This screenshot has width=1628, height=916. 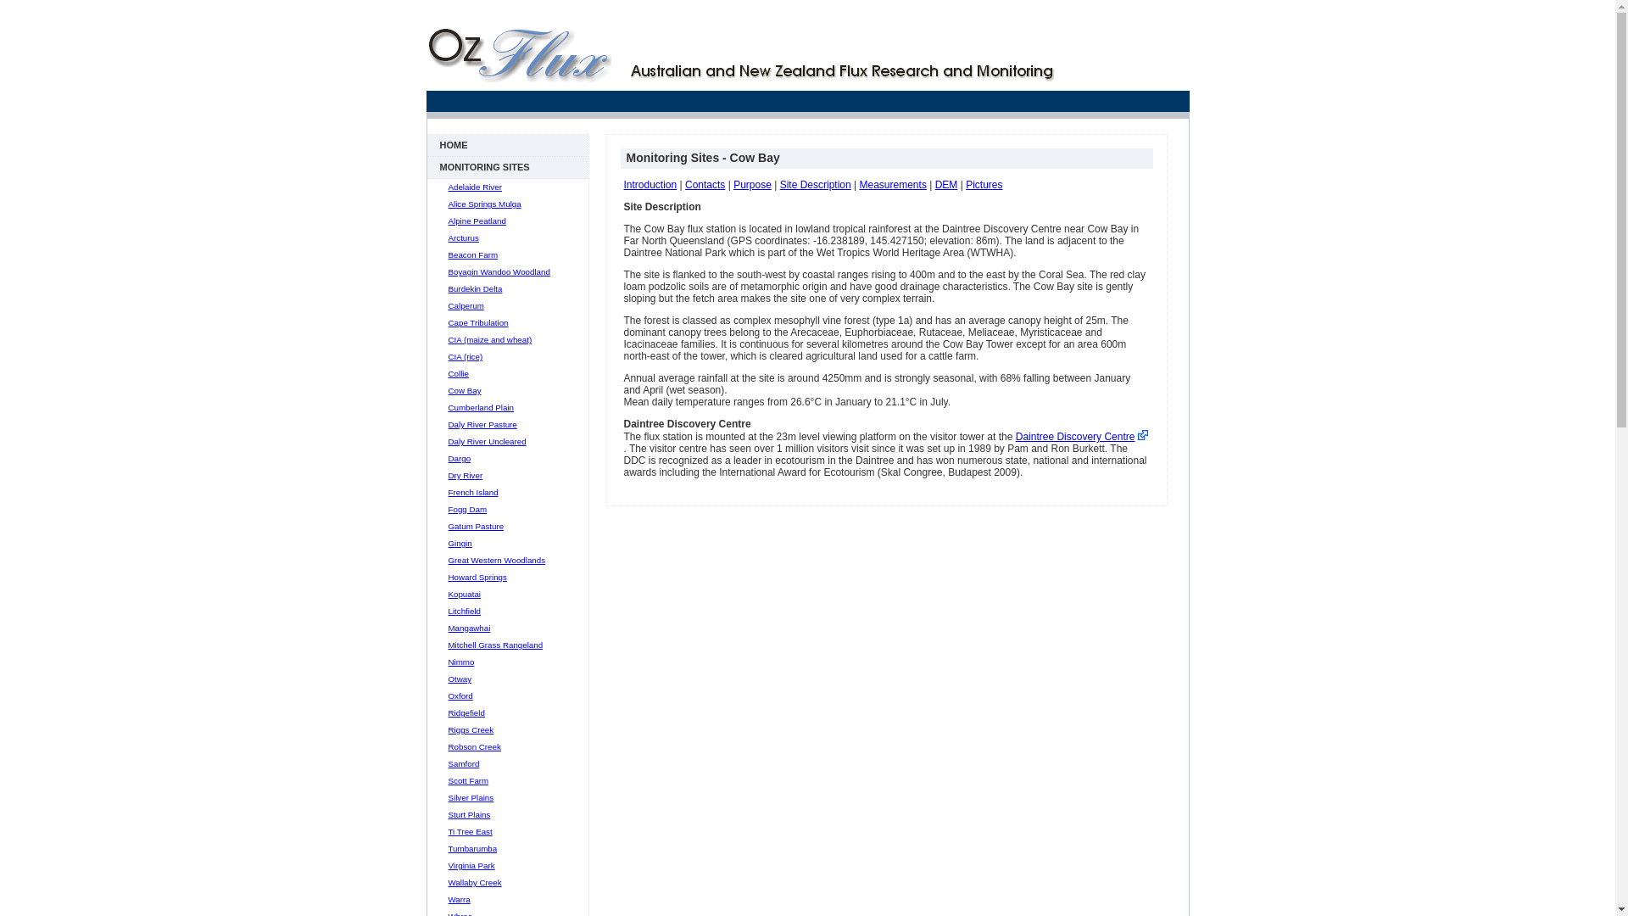 What do you see at coordinates (468, 628) in the screenshot?
I see `'Mangawhai'` at bounding box center [468, 628].